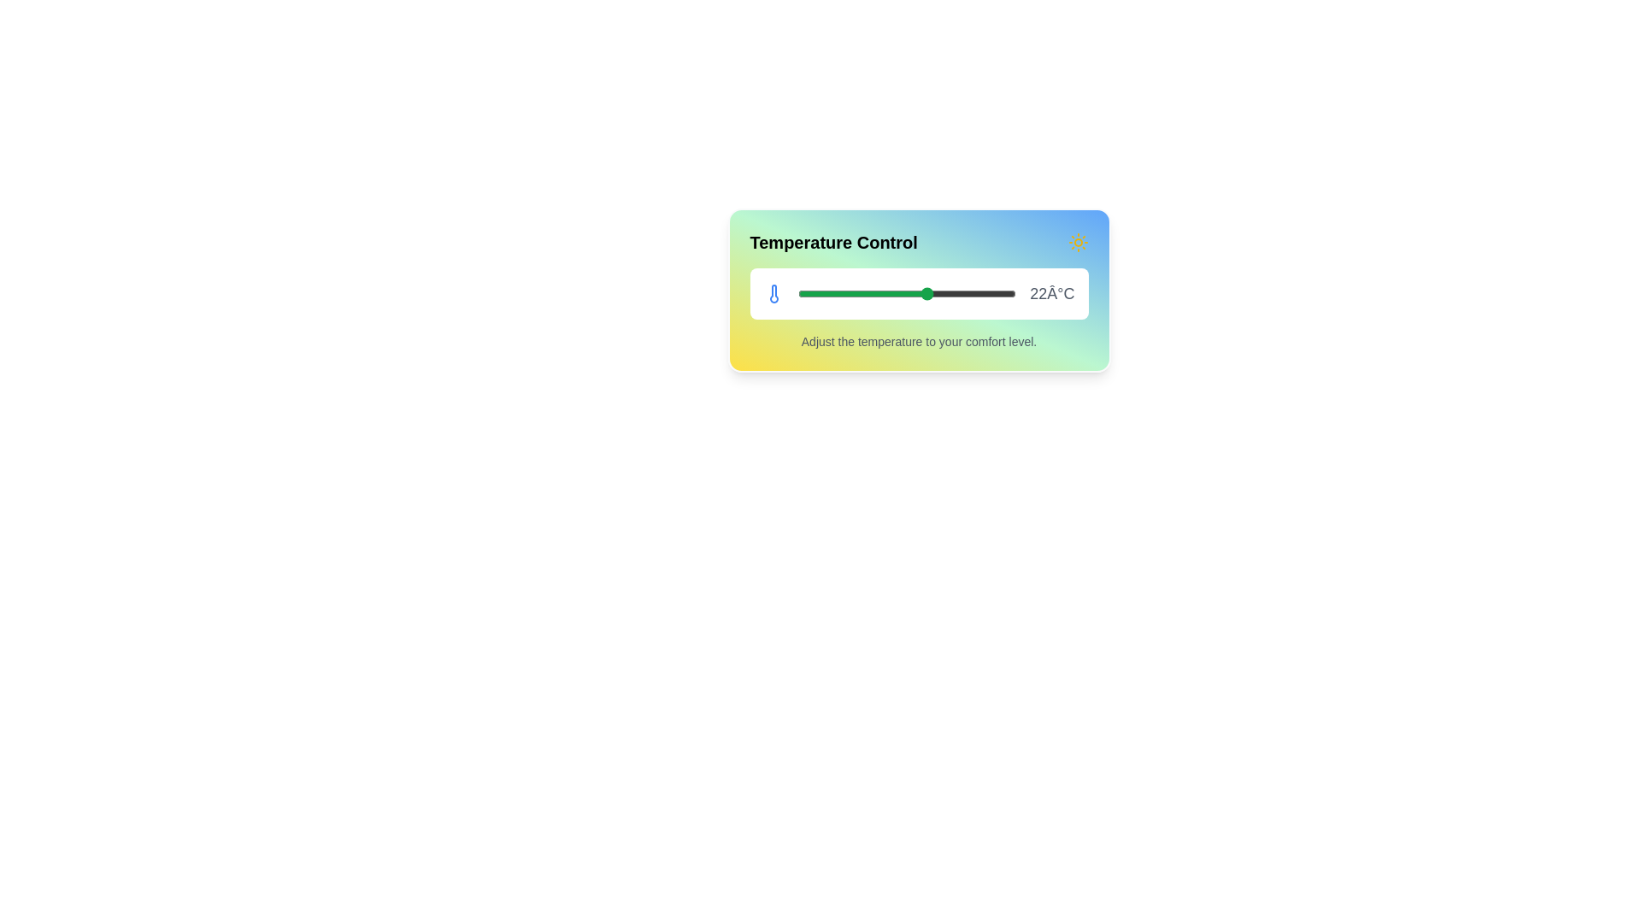 Image resolution: width=1641 pixels, height=923 pixels. What do you see at coordinates (983, 289) in the screenshot?
I see `the temperature` at bounding box center [983, 289].